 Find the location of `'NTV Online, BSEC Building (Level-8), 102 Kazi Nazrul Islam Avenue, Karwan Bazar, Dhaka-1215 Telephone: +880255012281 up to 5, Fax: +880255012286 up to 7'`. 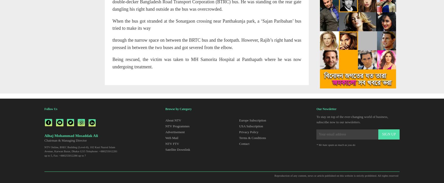

'NTV Online, BSEC Building (Level-8), 102 Kazi Nazrul Islam Avenue, Karwan Bazar, Dhaka-1215 Telephone: +880255012281 up to 5, Fax: +880255012286 up to 7' is located at coordinates (81, 151).